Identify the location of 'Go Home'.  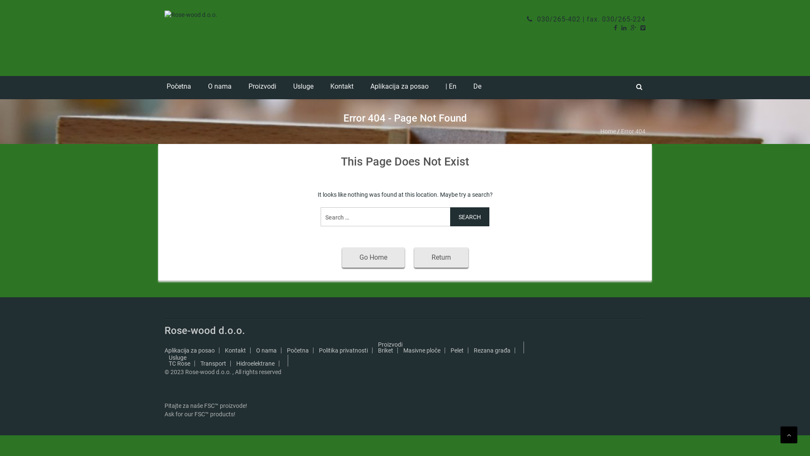
(372, 257).